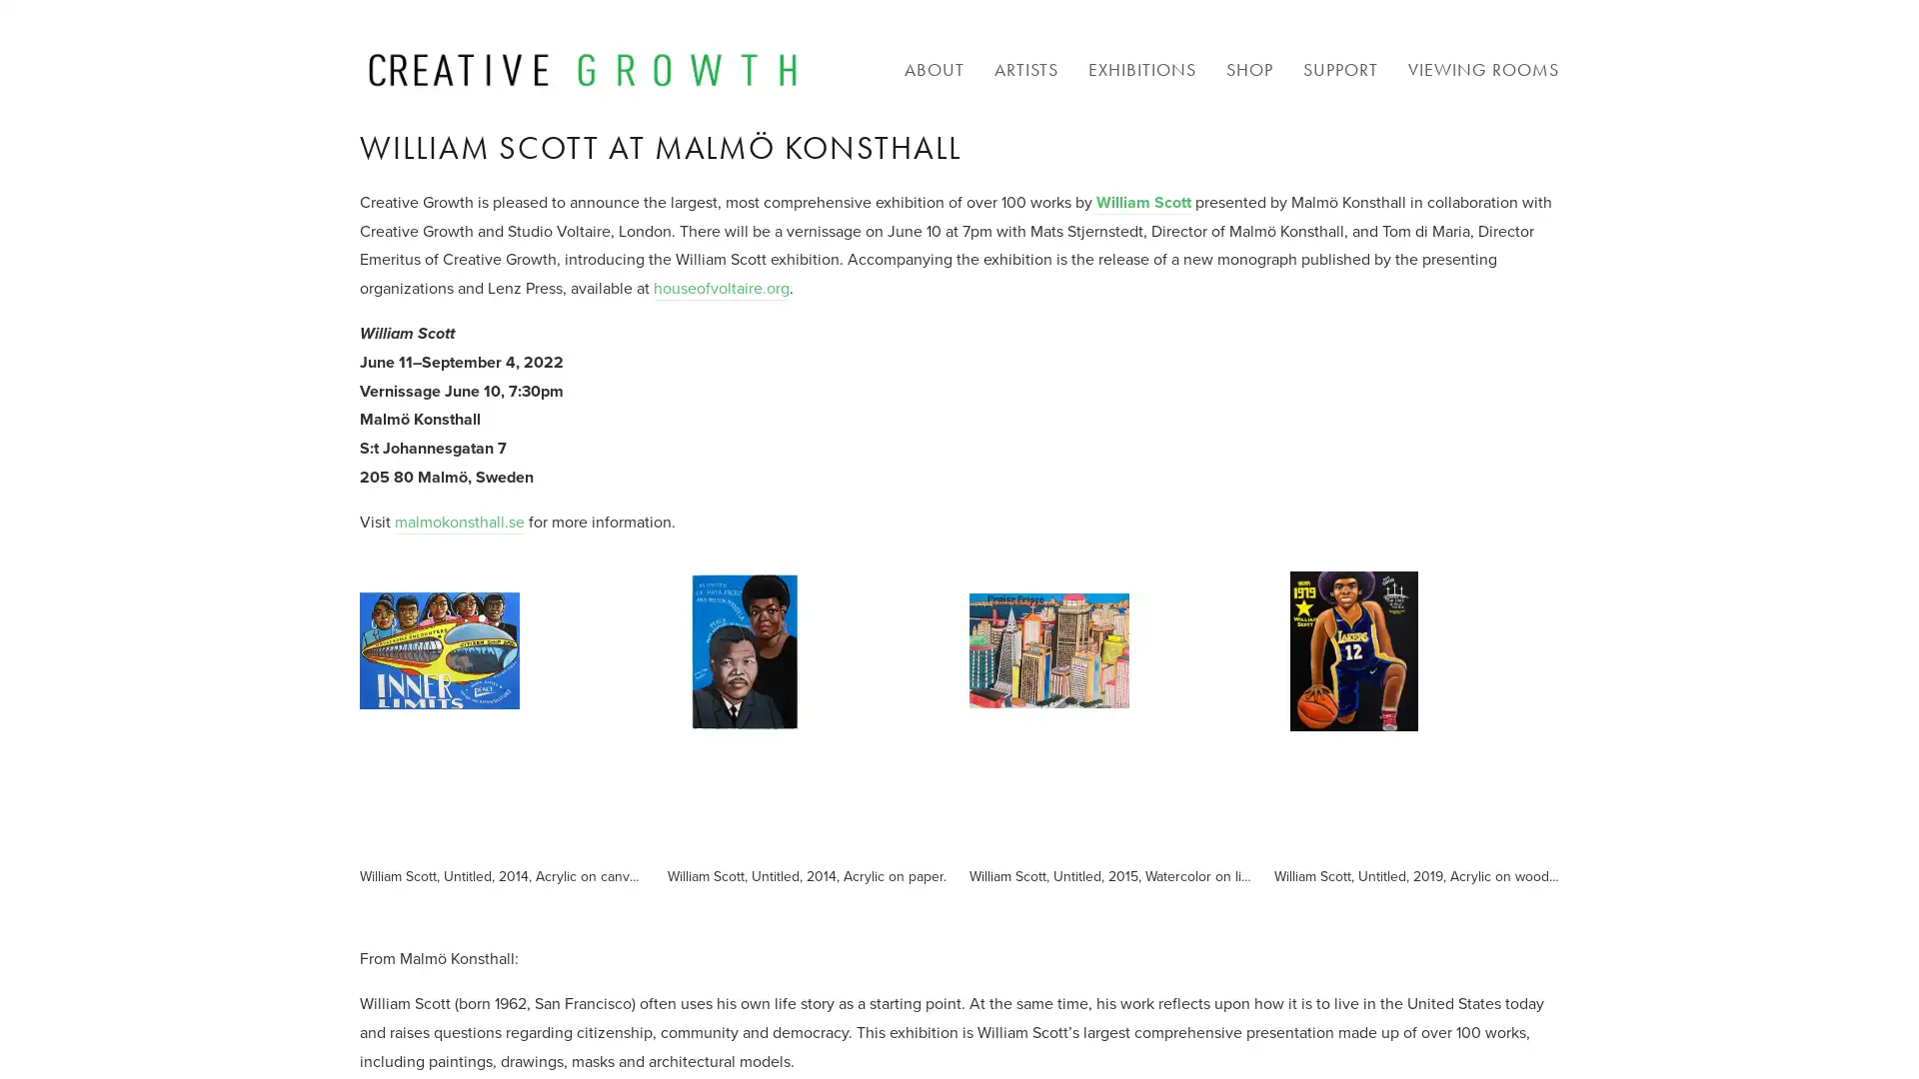 This screenshot has width=1919, height=1079. Describe the element at coordinates (1110, 711) in the screenshot. I see `View fullsize William Scott, Untitled, 2015, Watercolor on lithograph.` at that location.